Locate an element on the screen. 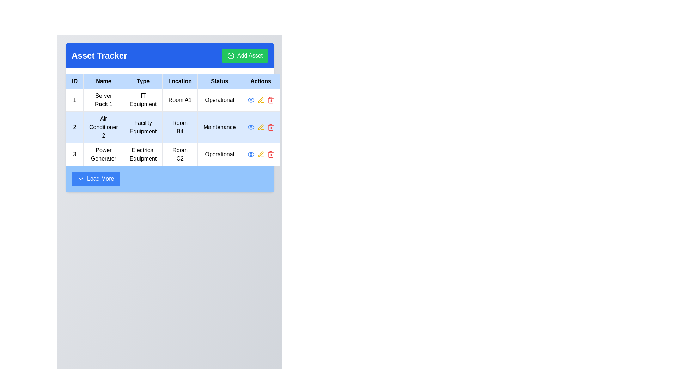 The height and width of the screenshot is (381, 677). the 'ID' header label in the first column of the table, which serves as a unique identifier for items displayed in the table is located at coordinates (74, 81).